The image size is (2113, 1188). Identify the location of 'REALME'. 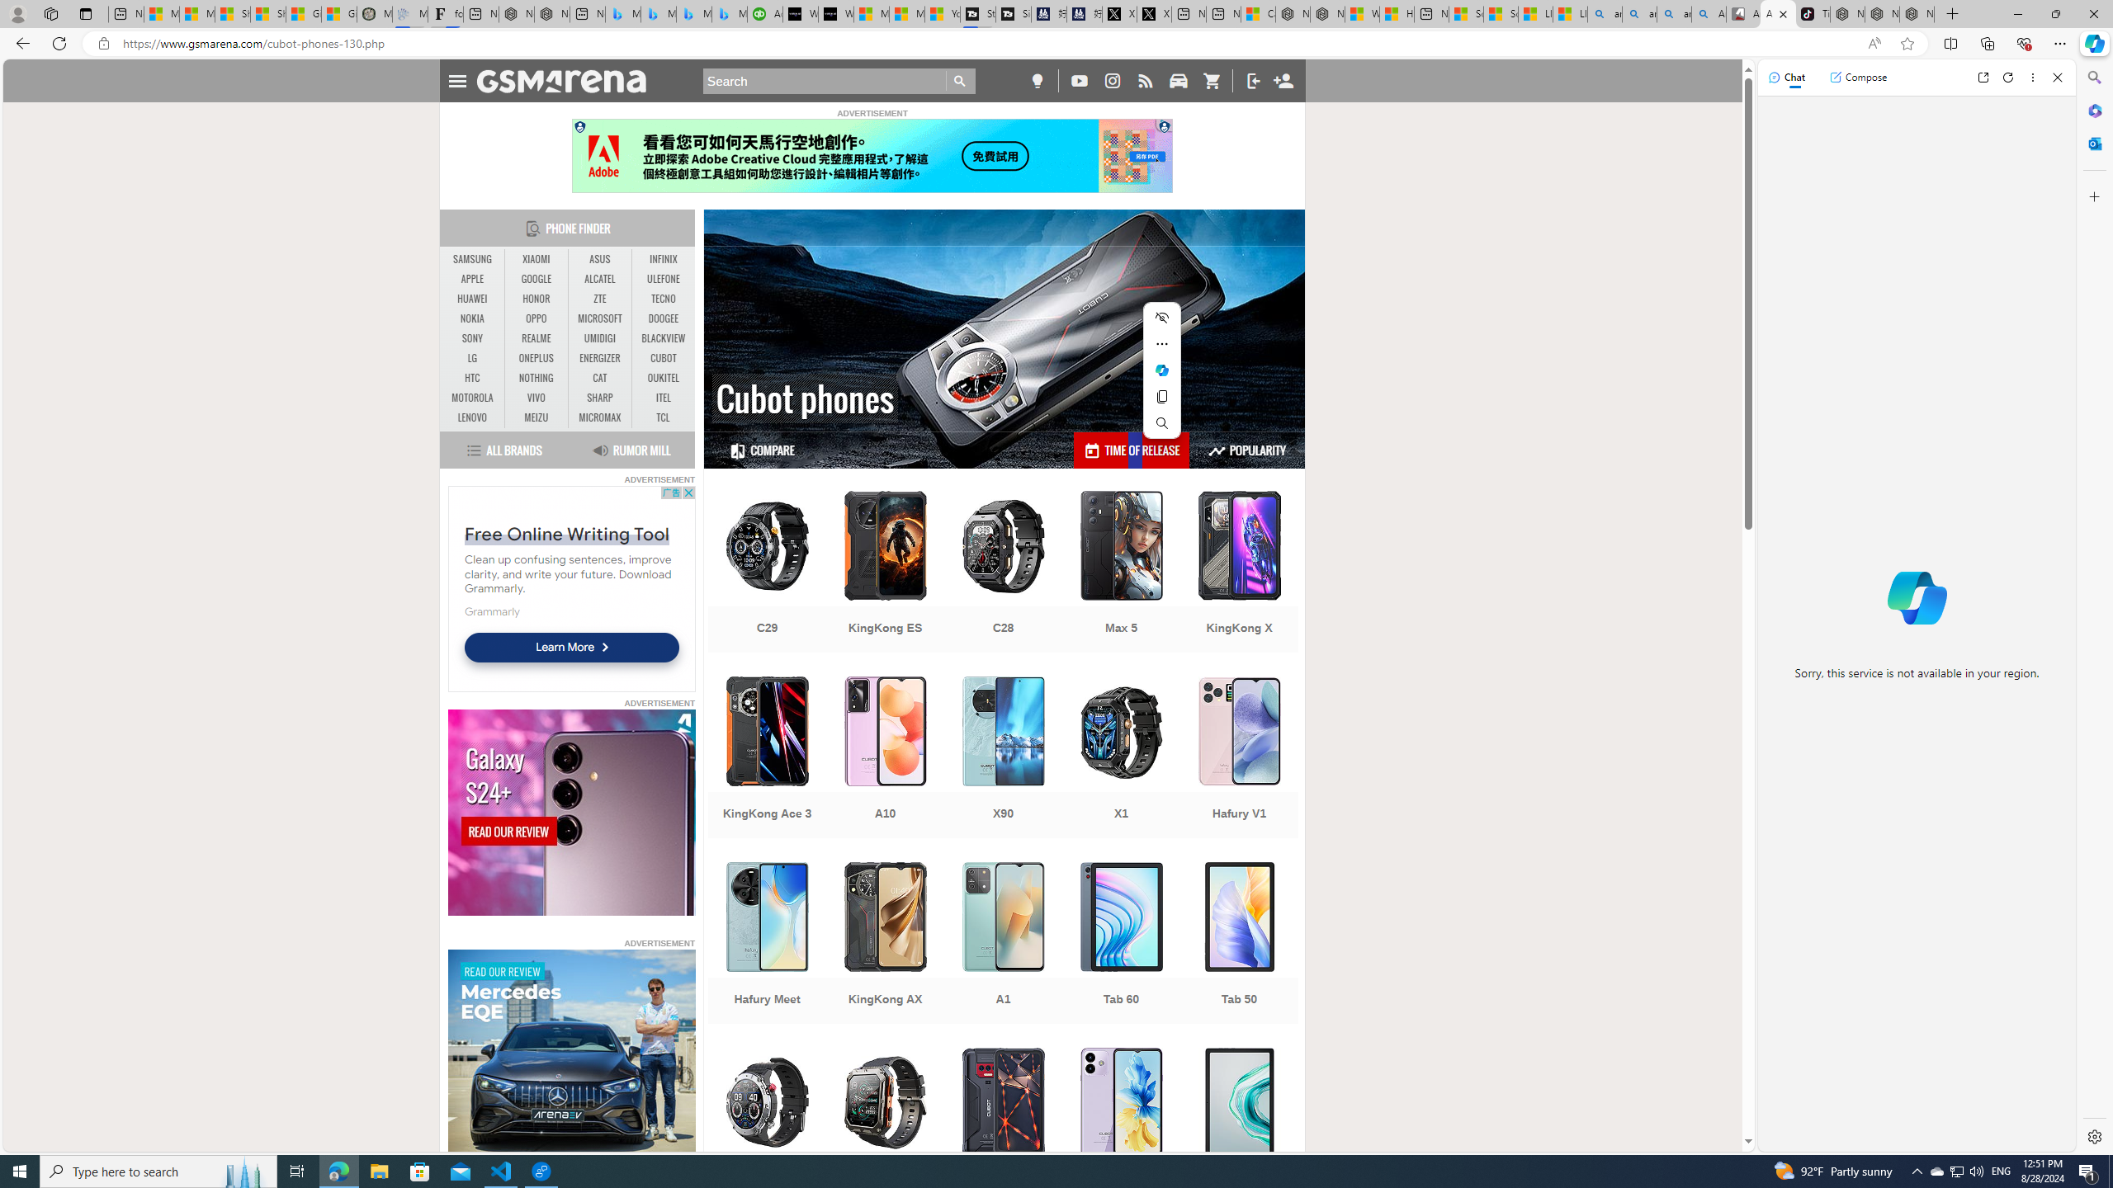
(536, 337).